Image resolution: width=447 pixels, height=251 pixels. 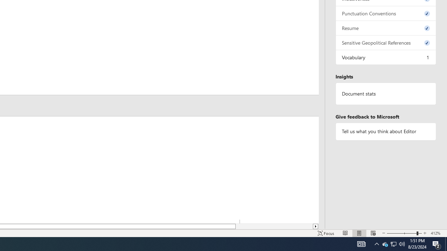 What do you see at coordinates (361, 243) in the screenshot?
I see `'AutomationID: 4105'` at bounding box center [361, 243].